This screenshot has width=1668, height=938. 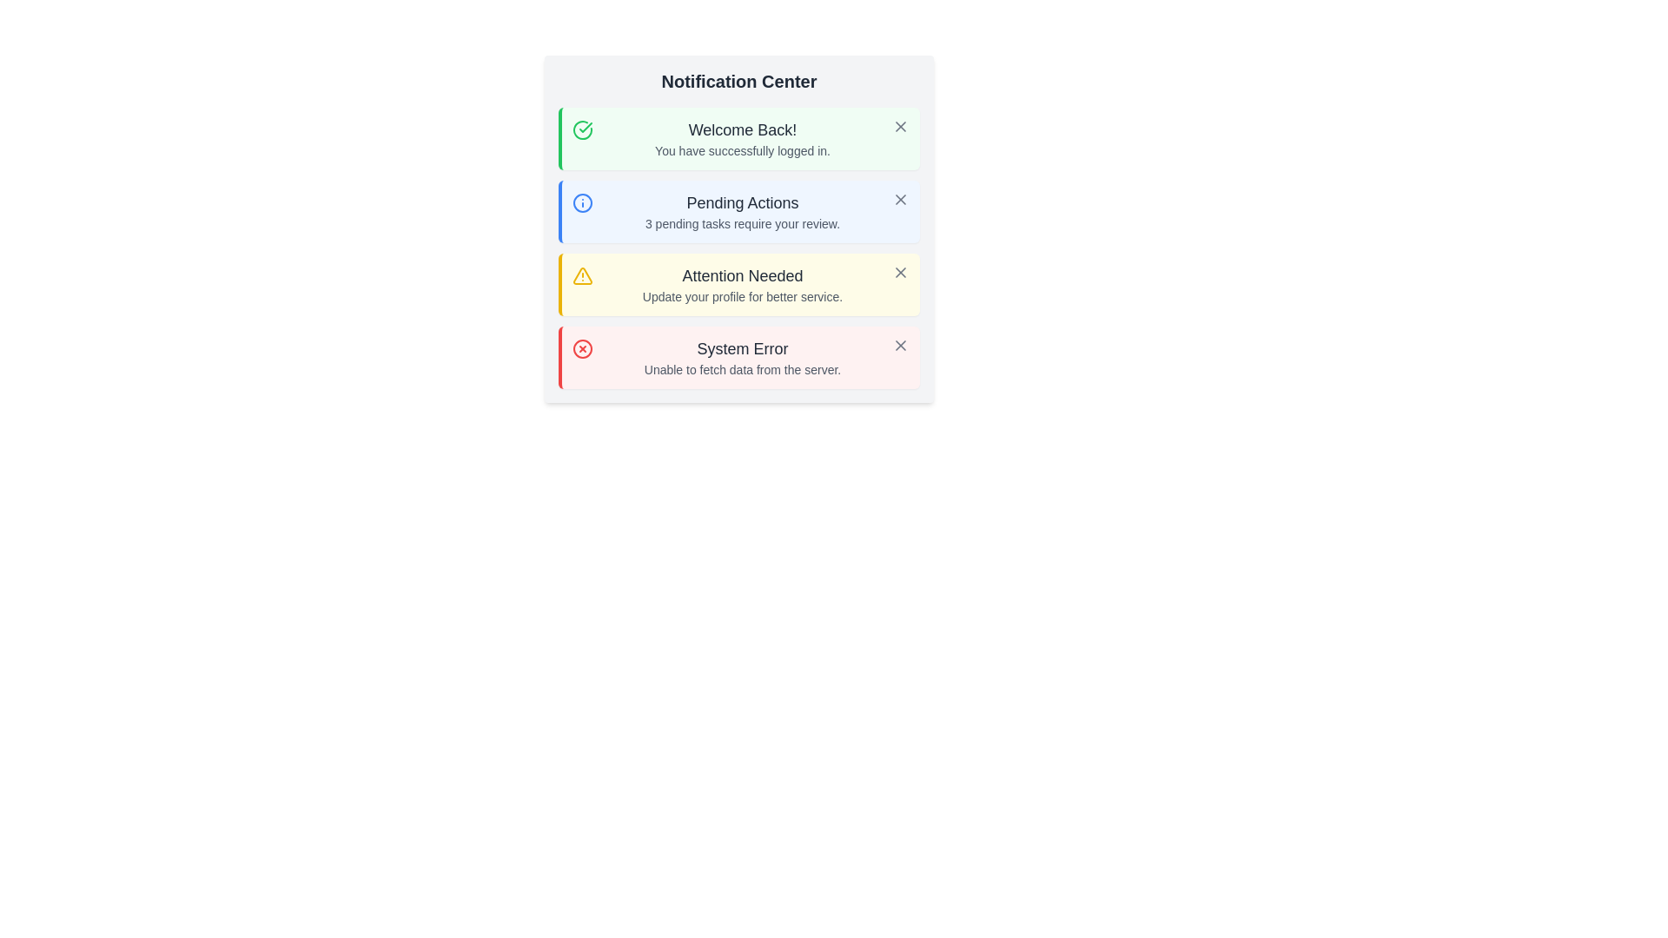 I want to click on the text label indicating pending actions in the second notification box of the Notification Center, which is positioned above the message about pending tasks, so click(x=742, y=202).